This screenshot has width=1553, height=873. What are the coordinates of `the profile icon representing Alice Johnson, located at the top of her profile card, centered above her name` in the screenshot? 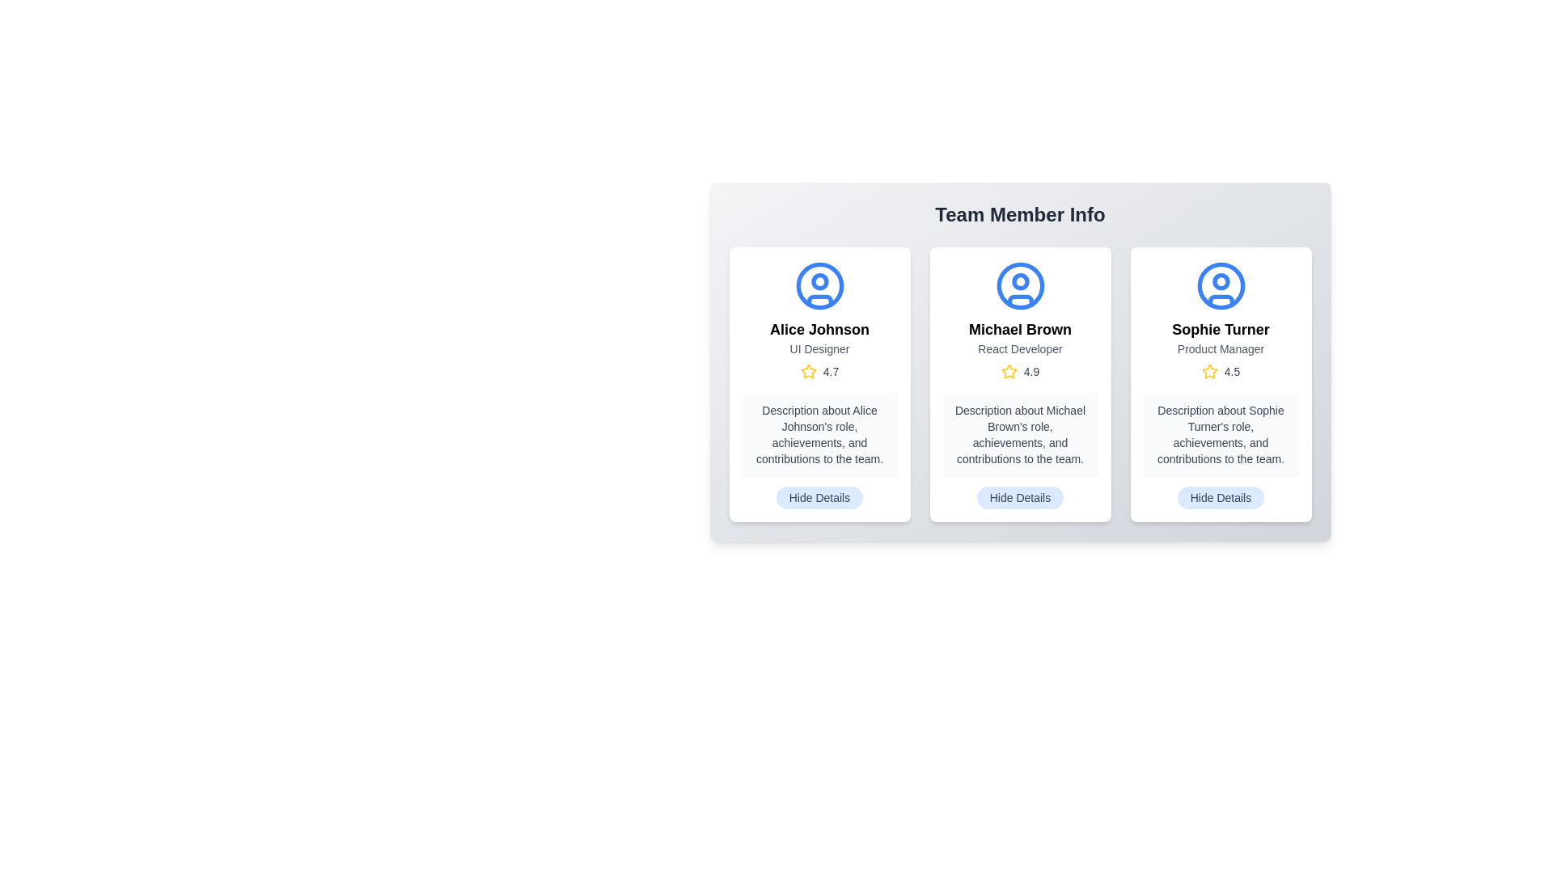 It's located at (819, 285).